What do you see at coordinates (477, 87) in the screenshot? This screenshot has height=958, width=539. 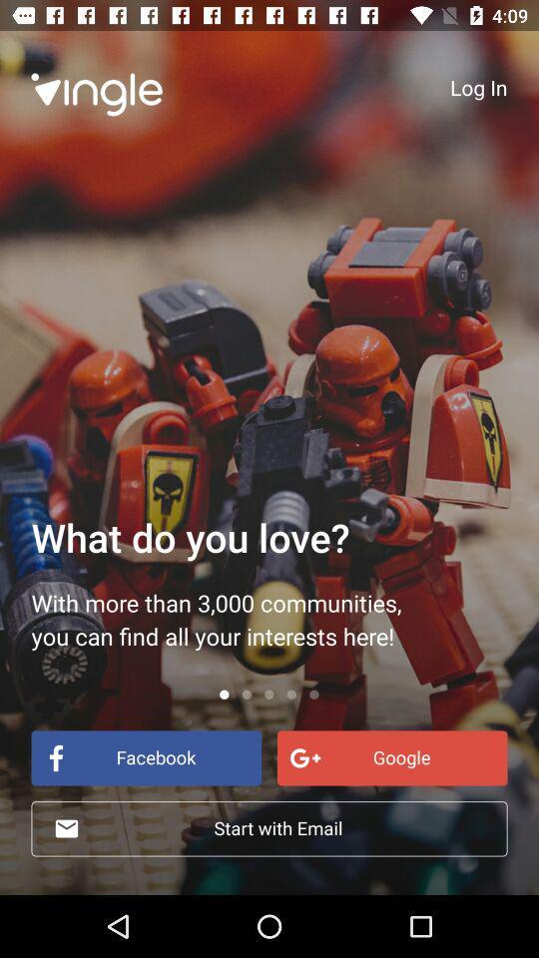 I see `the log in icon` at bounding box center [477, 87].